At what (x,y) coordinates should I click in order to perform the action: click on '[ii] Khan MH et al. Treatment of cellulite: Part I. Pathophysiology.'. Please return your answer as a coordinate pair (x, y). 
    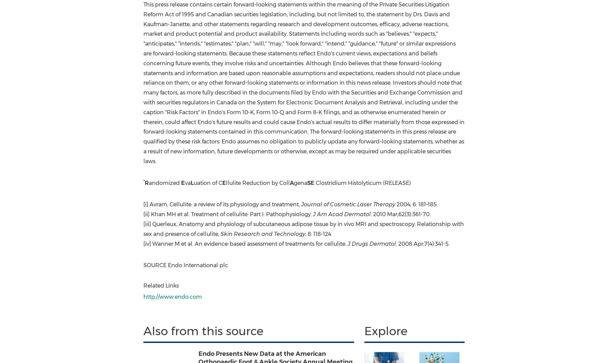
    Looking at the image, I should click on (228, 214).